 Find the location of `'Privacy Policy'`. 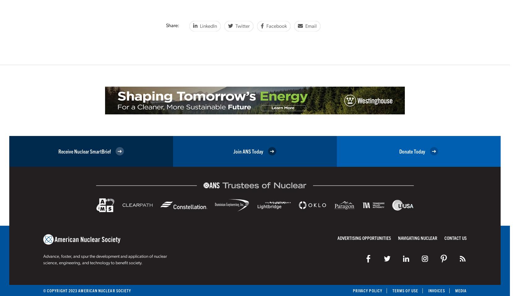

'Privacy Policy' is located at coordinates (367, 290).